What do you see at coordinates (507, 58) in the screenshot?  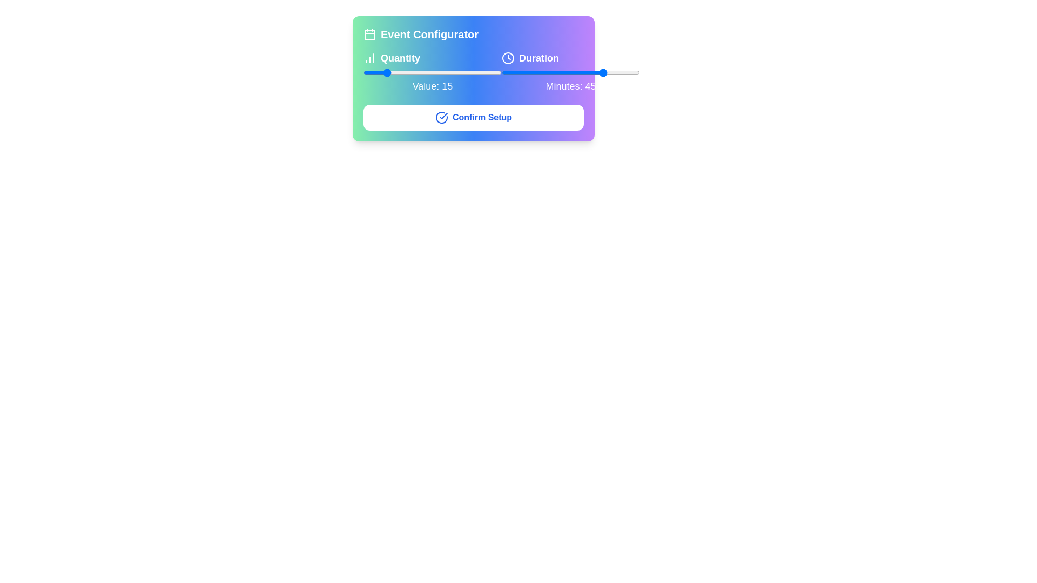 I see `the circular graphic representation styled as a clock face, which is centrally positioned within the clock icon located to the right of the 'Duration' label in the interface` at bounding box center [507, 58].